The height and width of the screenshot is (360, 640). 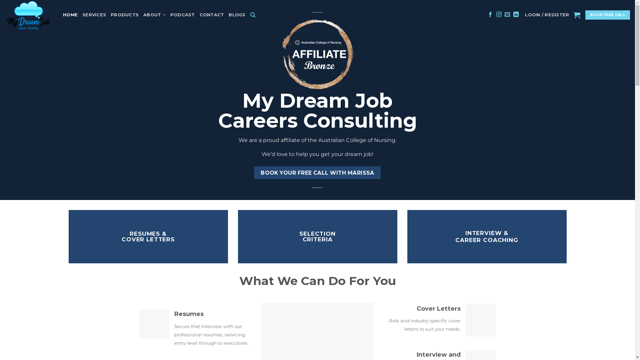 I want to click on 'INTERVIEW &', so click(x=487, y=232).